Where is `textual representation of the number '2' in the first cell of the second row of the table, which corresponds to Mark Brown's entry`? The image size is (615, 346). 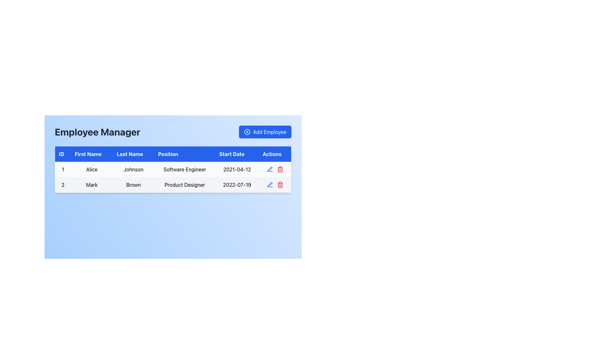 textual representation of the number '2' in the first cell of the second row of the table, which corresponds to Mark Brown's entry is located at coordinates (63, 185).